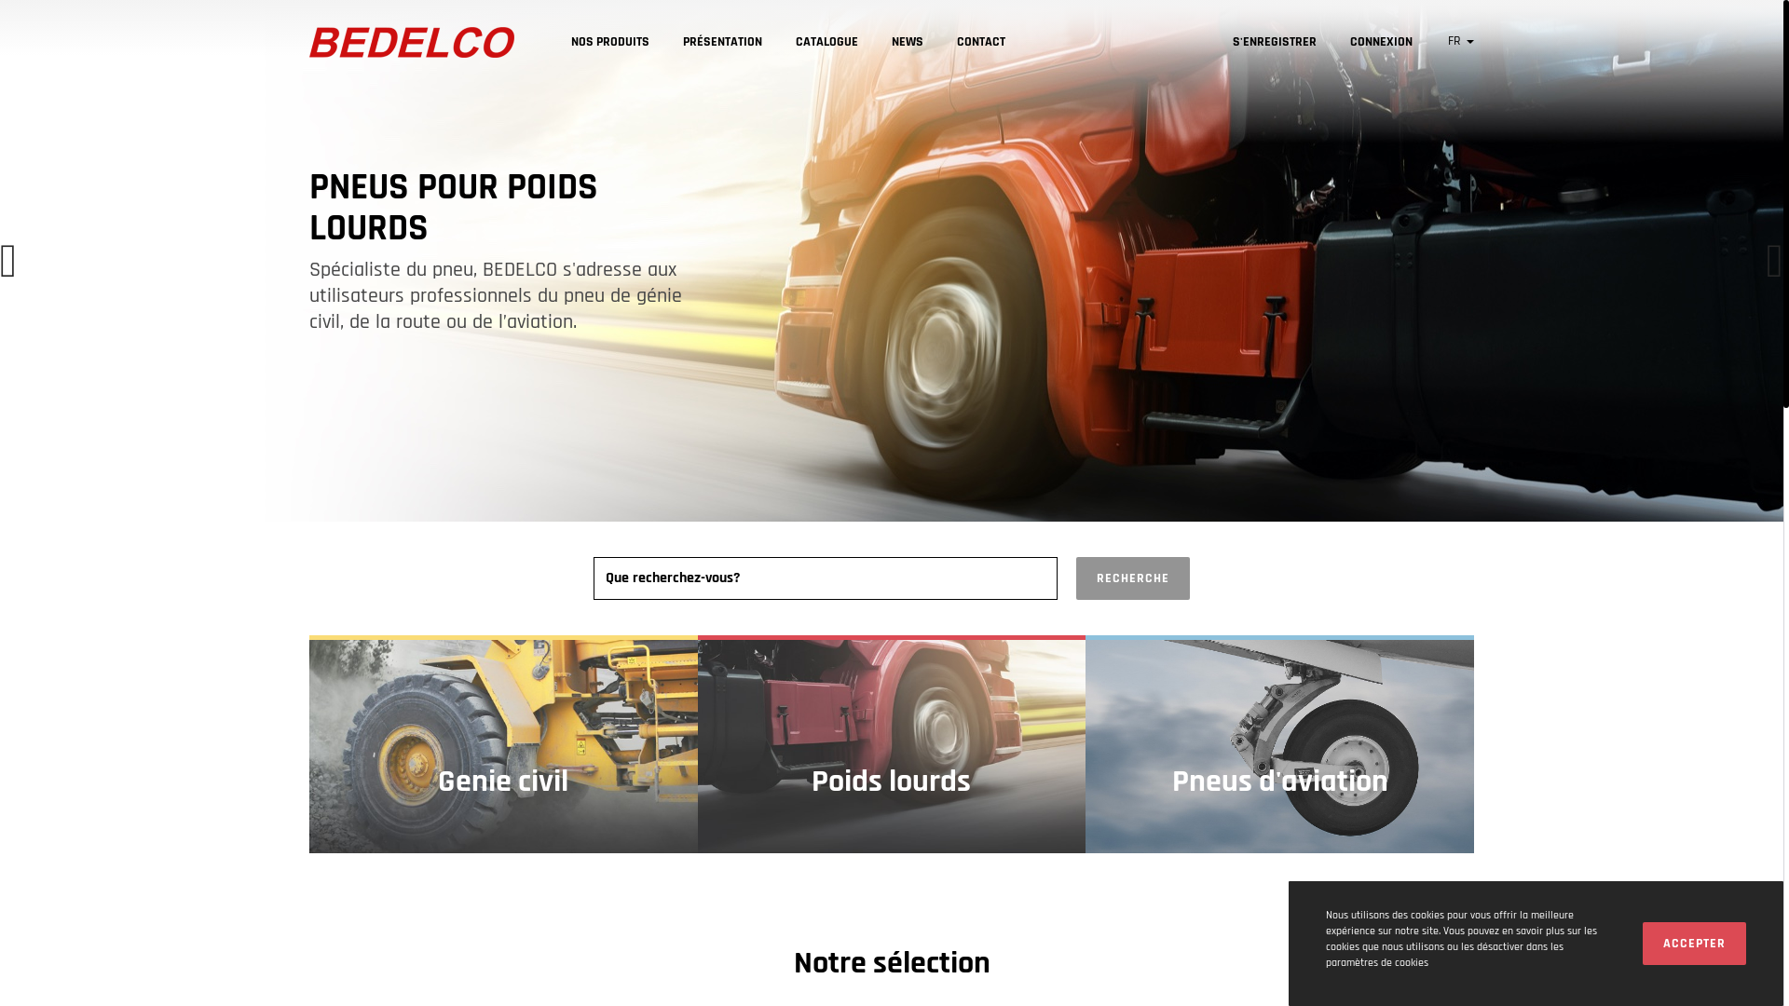 The height and width of the screenshot is (1006, 1789). I want to click on 'Genie civil', so click(503, 742).